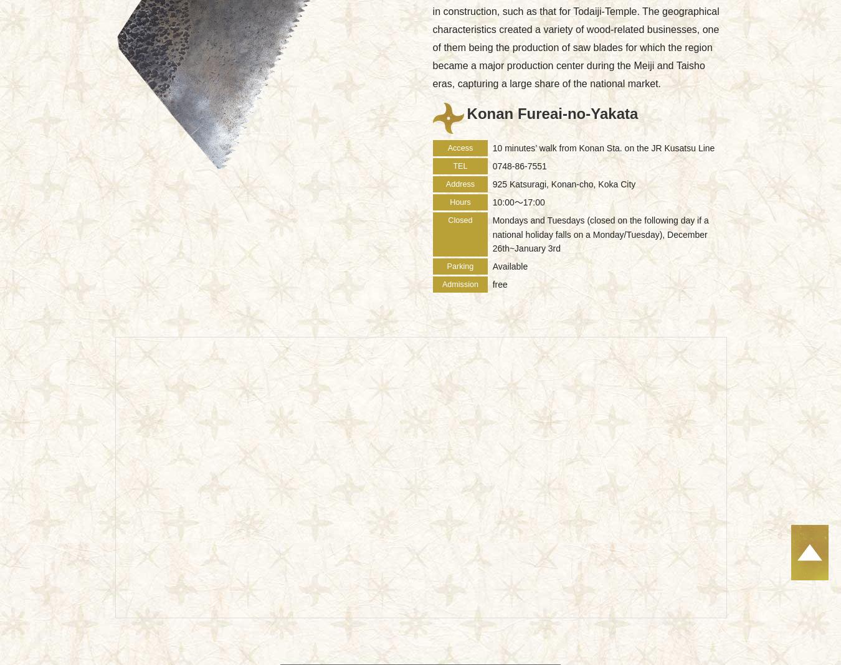 This screenshot has width=841, height=665. I want to click on '925 Katsuragi, Konan-cho, Koka City', so click(563, 184).